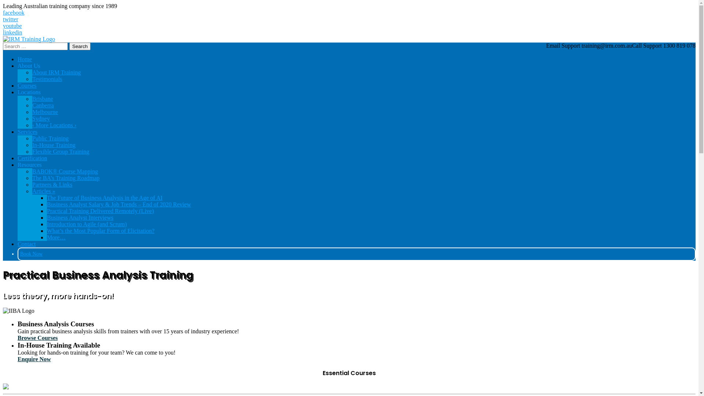  I want to click on 'linkedin', so click(3, 32).